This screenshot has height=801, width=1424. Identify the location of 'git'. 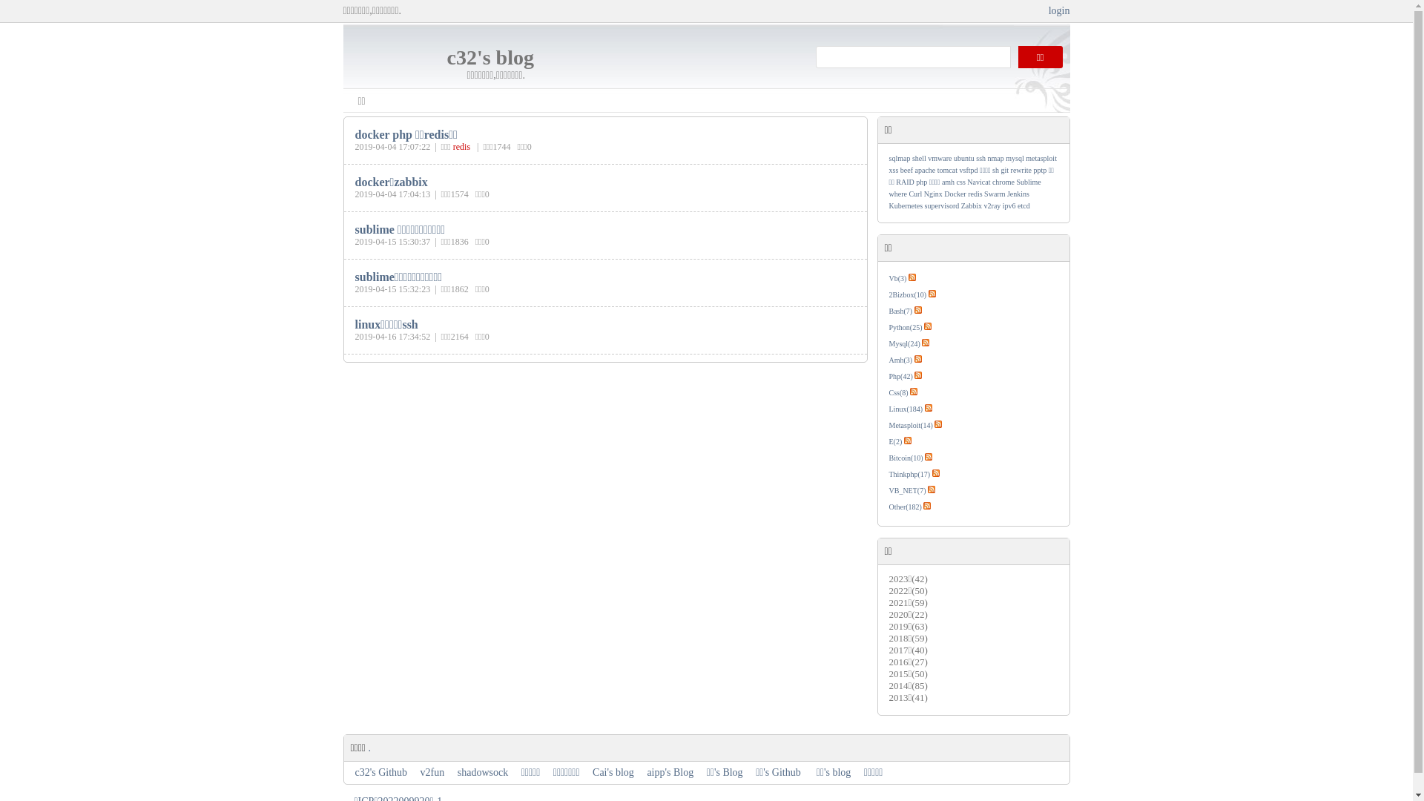
(1005, 169).